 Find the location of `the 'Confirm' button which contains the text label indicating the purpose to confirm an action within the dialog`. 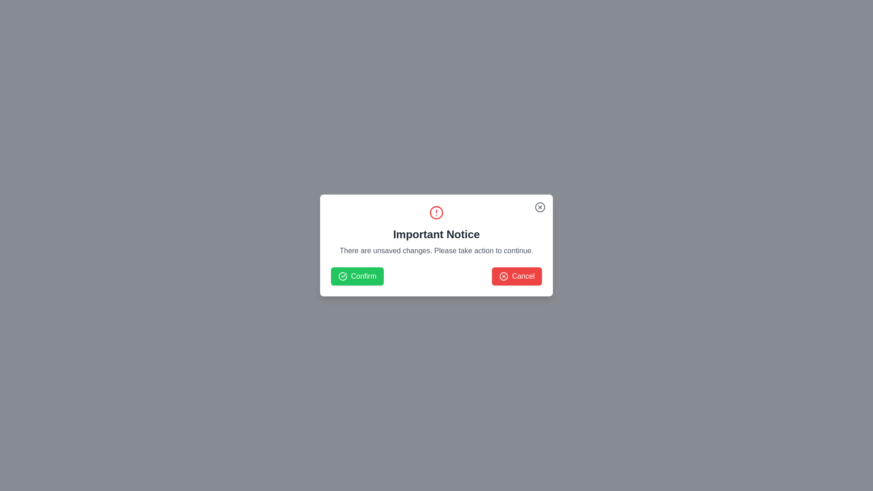

the 'Confirm' button which contains the text label indicating the purpose to confirm an action within the dialog is located at coordinates (364, 276).